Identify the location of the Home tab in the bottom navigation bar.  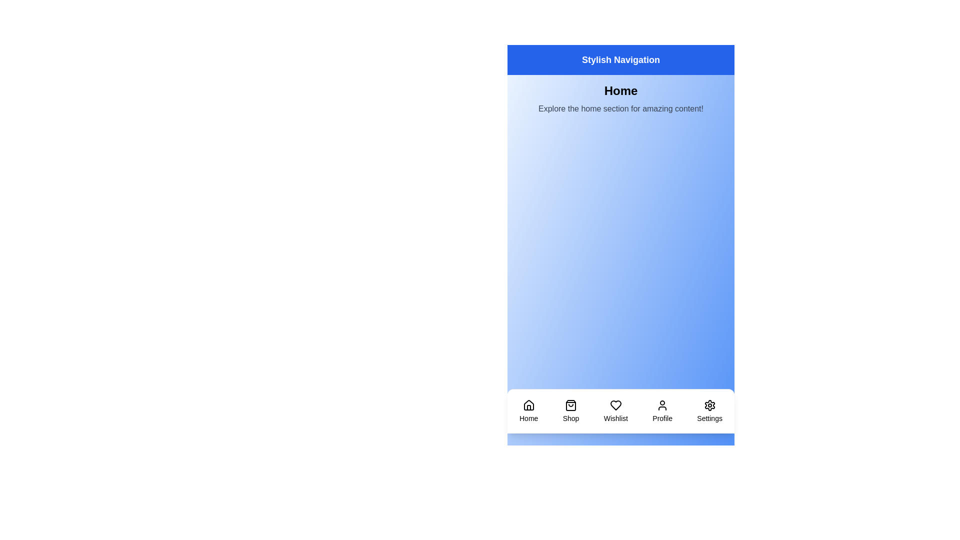
(527, 411).